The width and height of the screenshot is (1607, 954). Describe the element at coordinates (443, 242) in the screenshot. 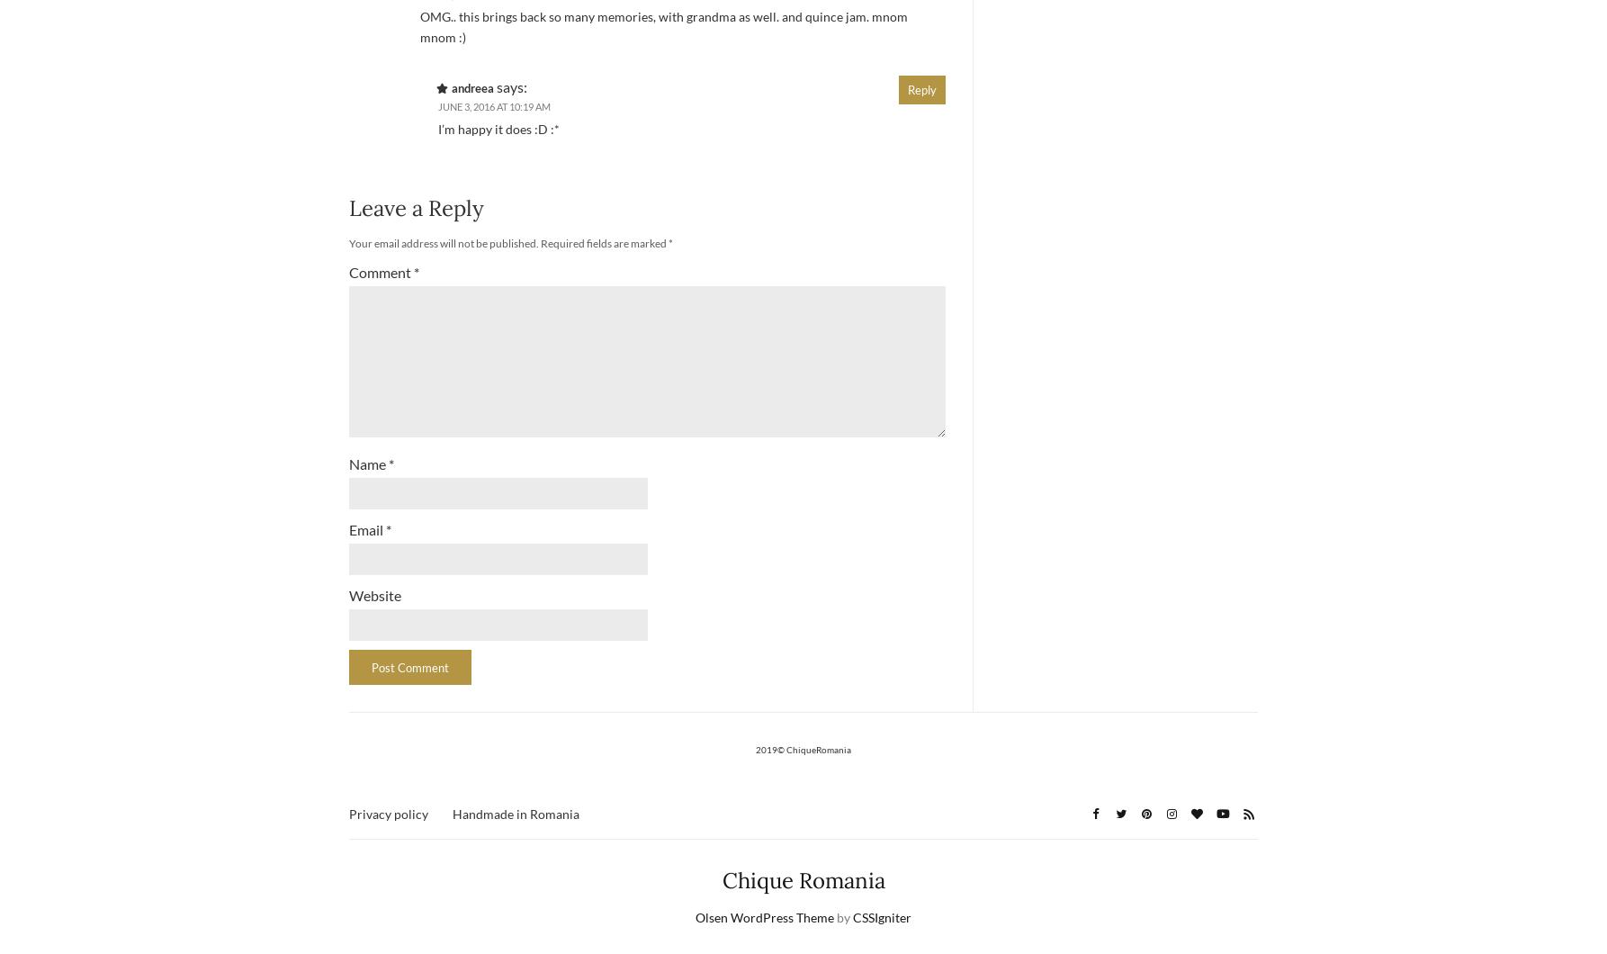

I see `'Your email address will not be published.'` at that location.